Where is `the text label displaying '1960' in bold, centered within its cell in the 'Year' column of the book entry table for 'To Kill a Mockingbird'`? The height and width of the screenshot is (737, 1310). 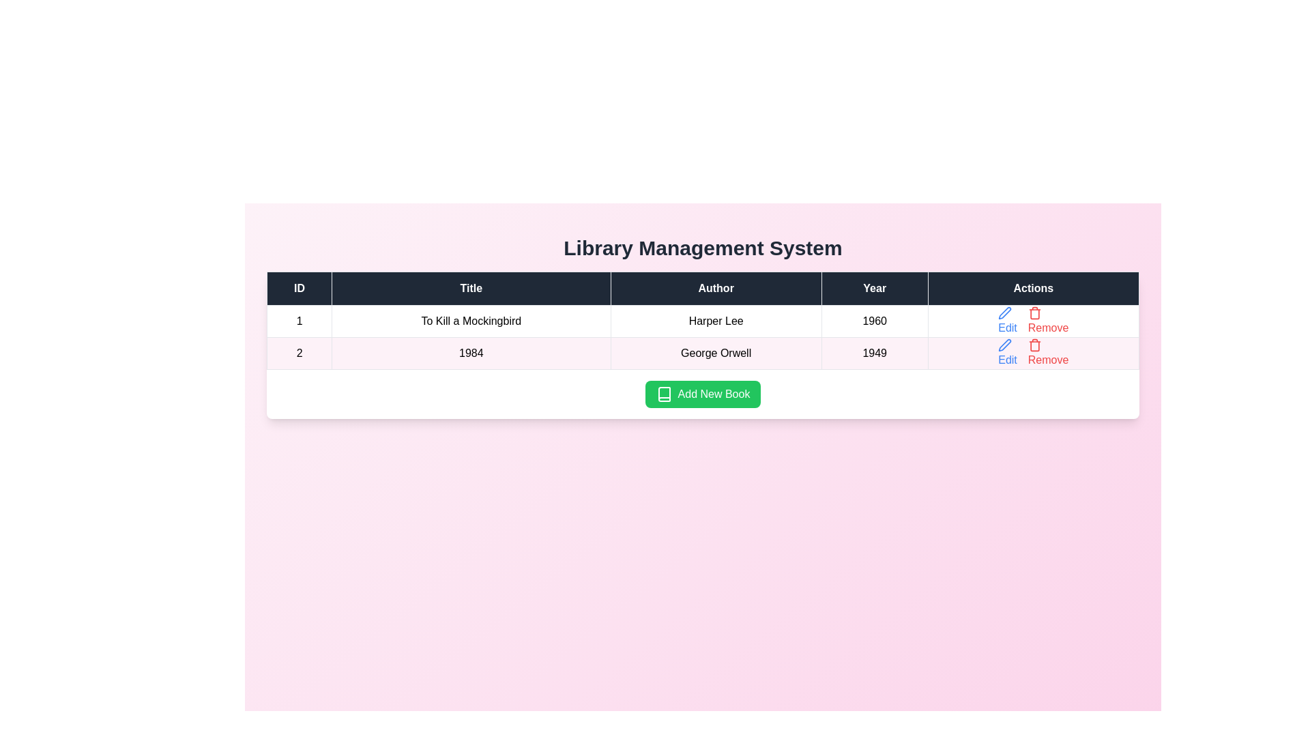 the text label displaying '1960' in bold, centered within its cell in the 'Year' column of the book entry table for 'To Kill a Mockingbird' is located at coordinates (875, 321).